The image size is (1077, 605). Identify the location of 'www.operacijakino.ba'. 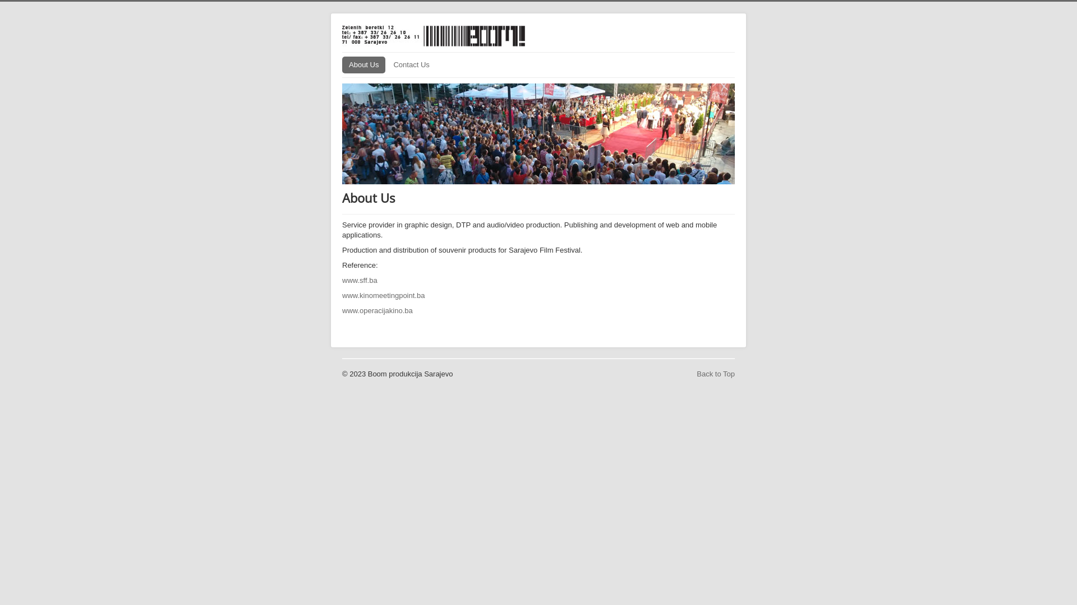
(377, 310).